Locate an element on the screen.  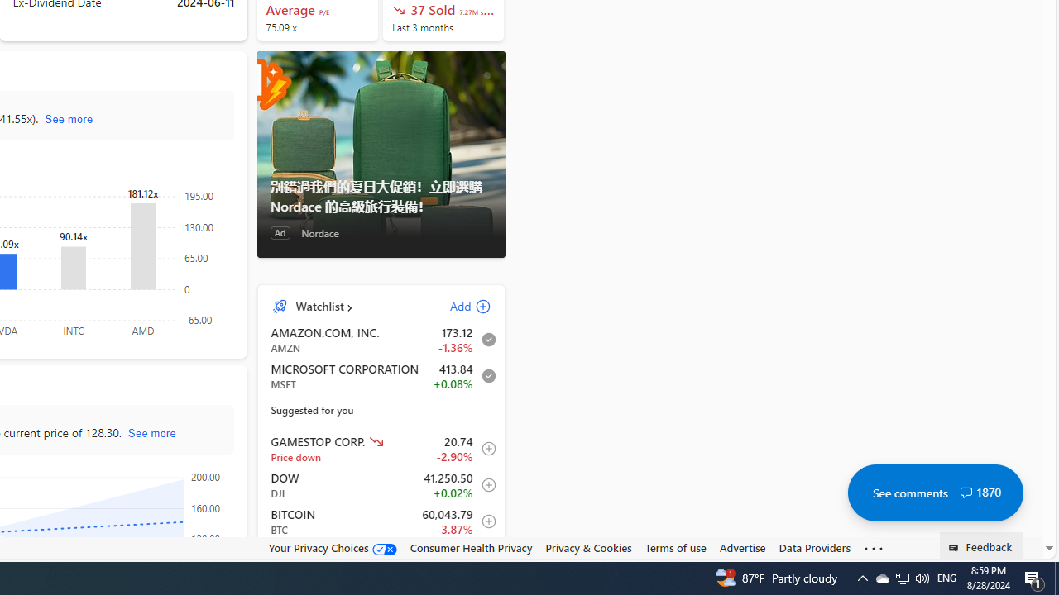
'Terms of use' is located at coordinates (675, 547).